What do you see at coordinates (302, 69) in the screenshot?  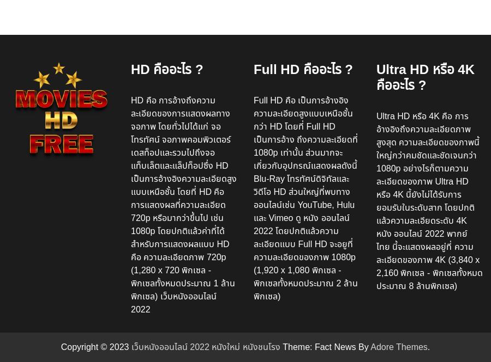 I see `'Full HD คืออะไร ?'` at bounding box center [302, 69].